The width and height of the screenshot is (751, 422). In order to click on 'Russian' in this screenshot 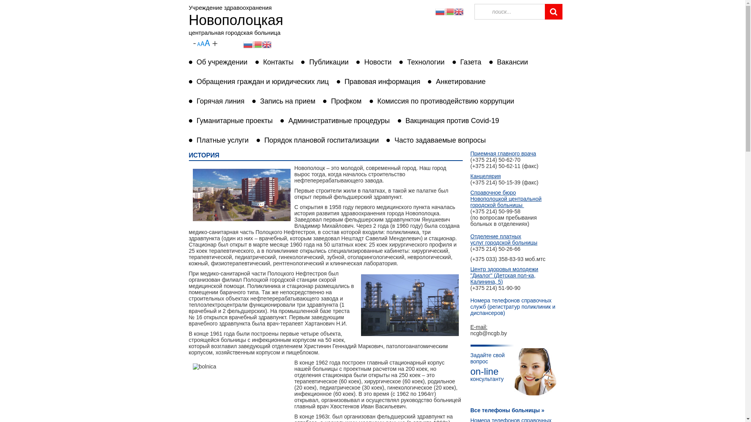, I will do `click(247, 44)`.